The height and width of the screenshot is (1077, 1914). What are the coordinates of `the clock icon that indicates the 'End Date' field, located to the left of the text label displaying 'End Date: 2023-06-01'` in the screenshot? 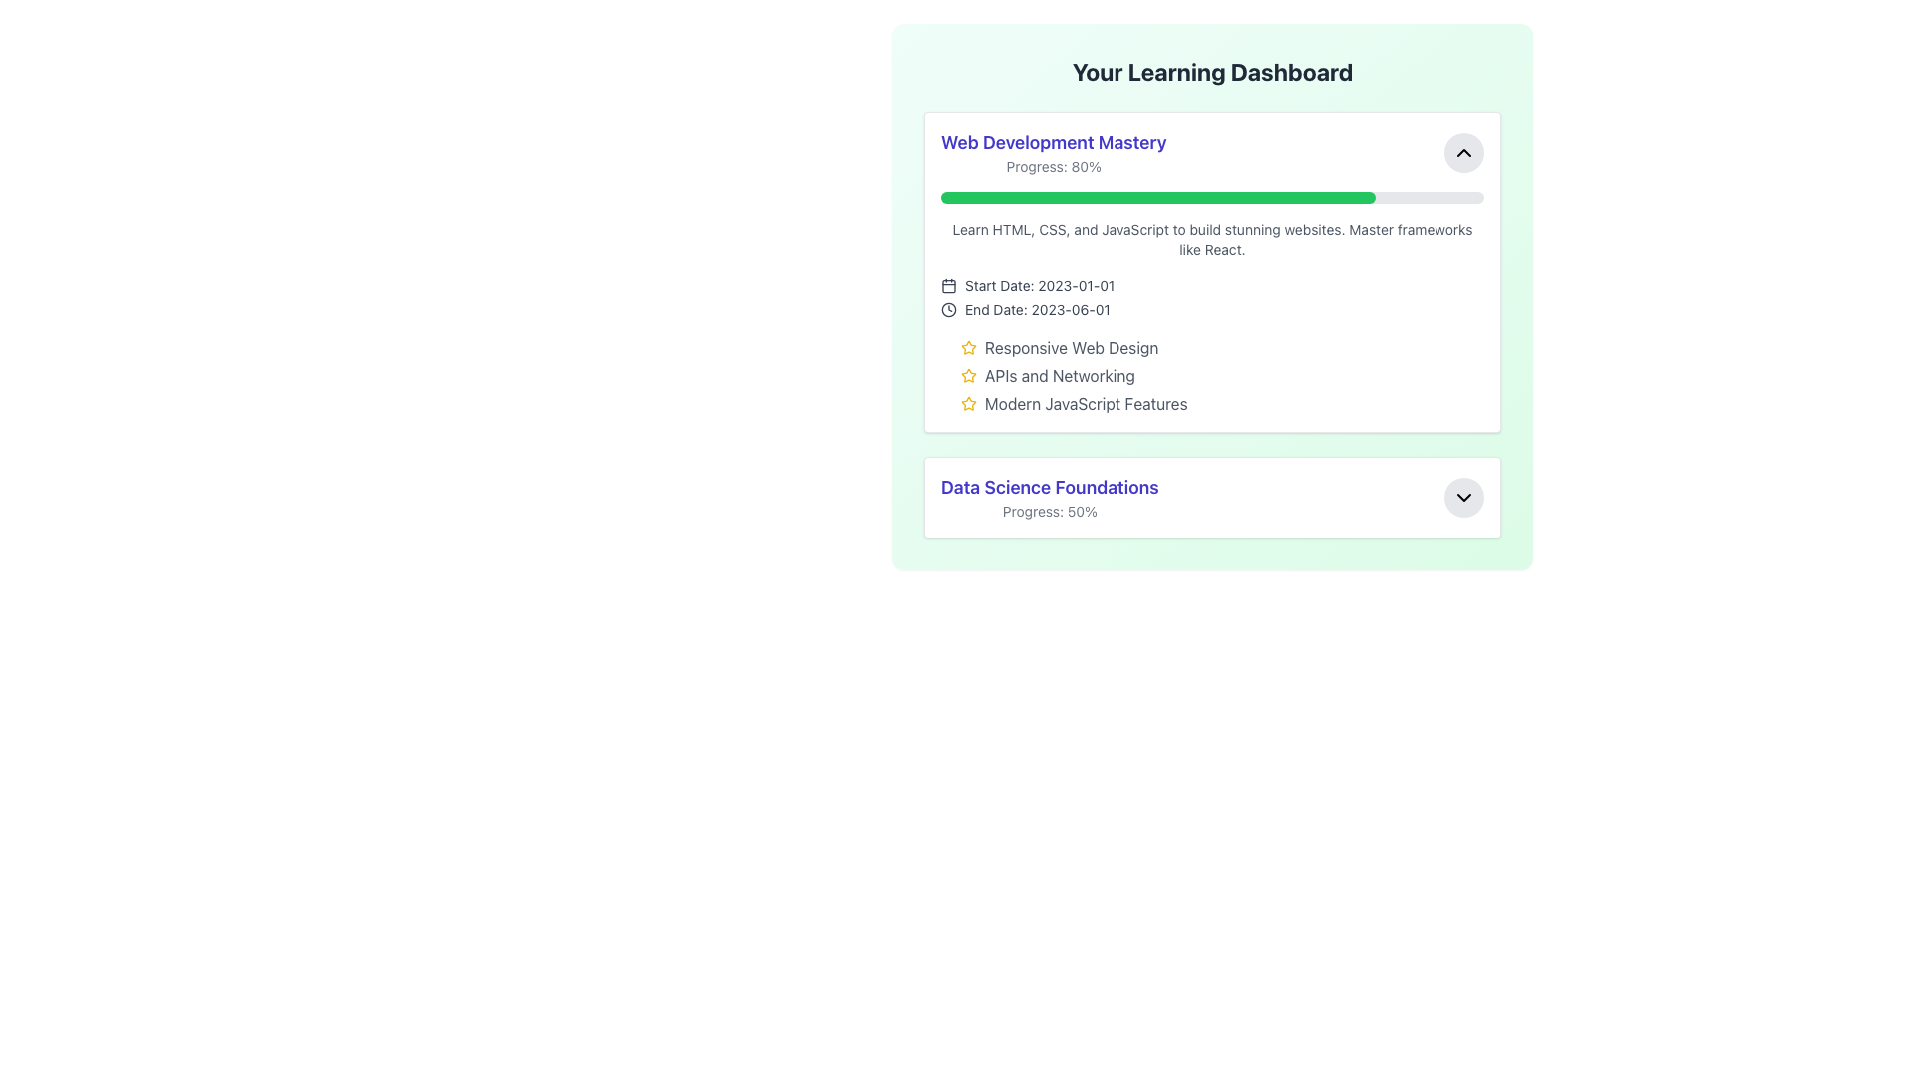 It's located at (947, 310).